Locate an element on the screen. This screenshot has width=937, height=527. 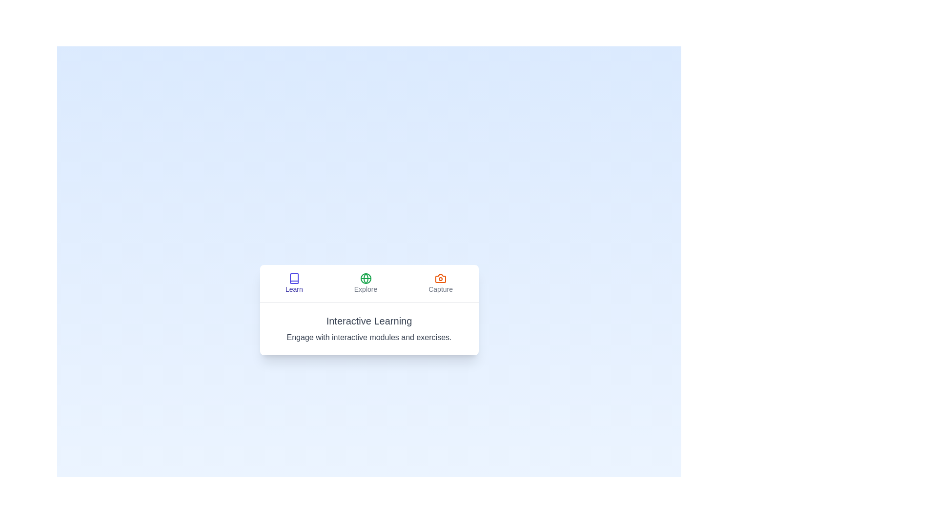
the icon for the Explore tab is located at coordinates (365, 278).